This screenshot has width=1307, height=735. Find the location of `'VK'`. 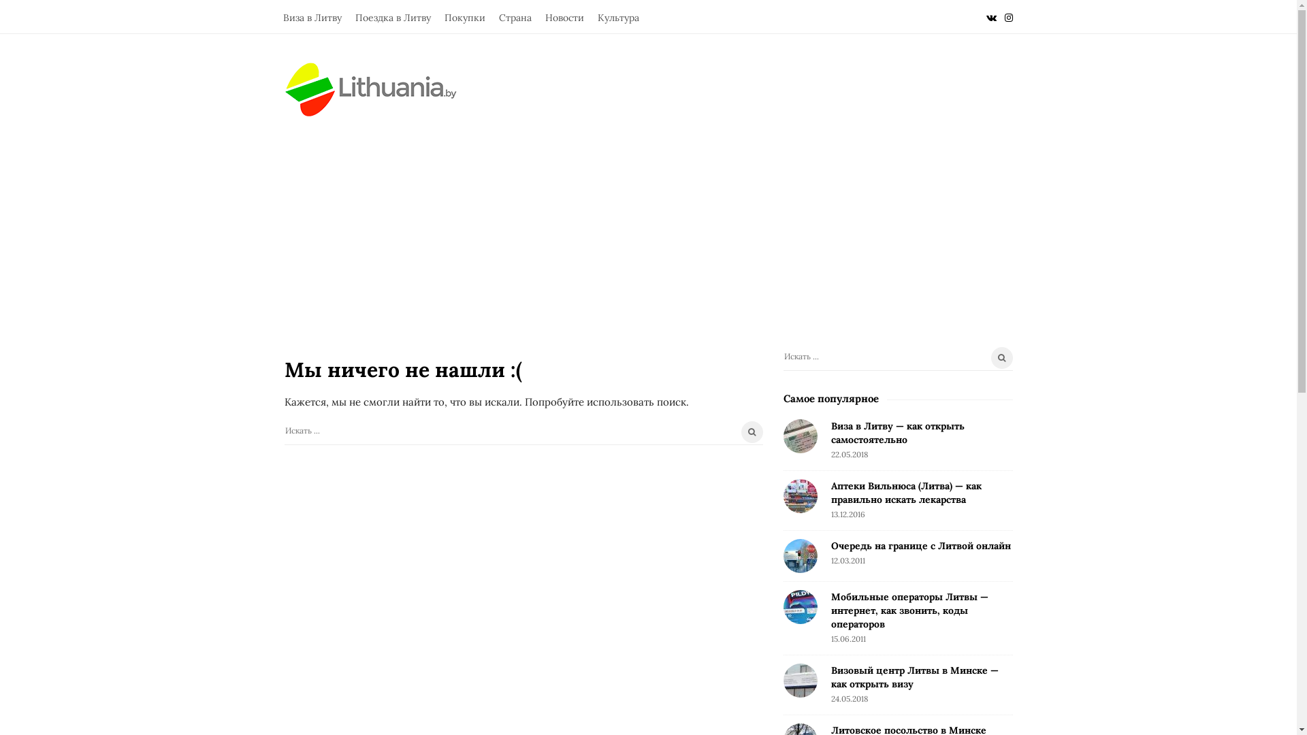

'VK' is located at coordinates (990, 16).